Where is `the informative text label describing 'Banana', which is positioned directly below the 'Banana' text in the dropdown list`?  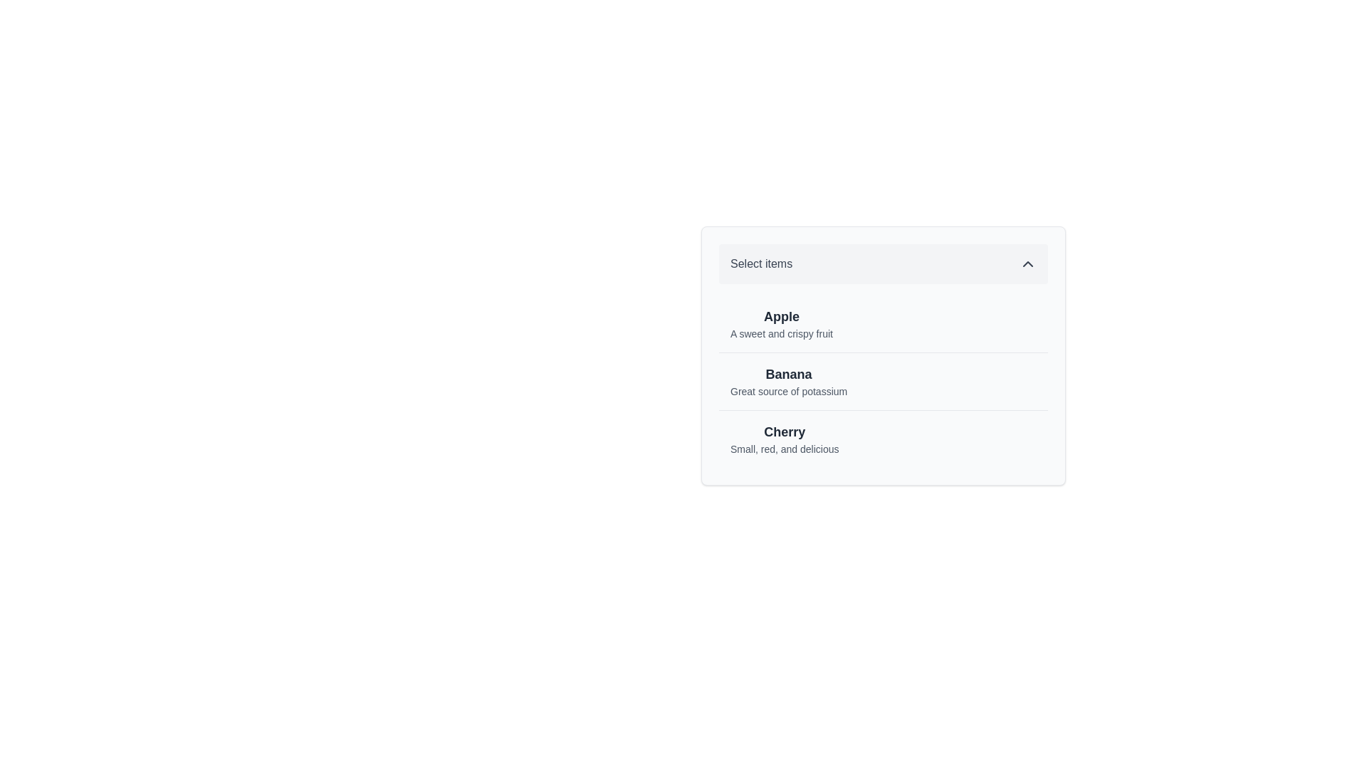 the informative text label describing 'Banana', which is positioned directly below the 'Banana' text in the dropdown list is located at coordinates (788, 392).